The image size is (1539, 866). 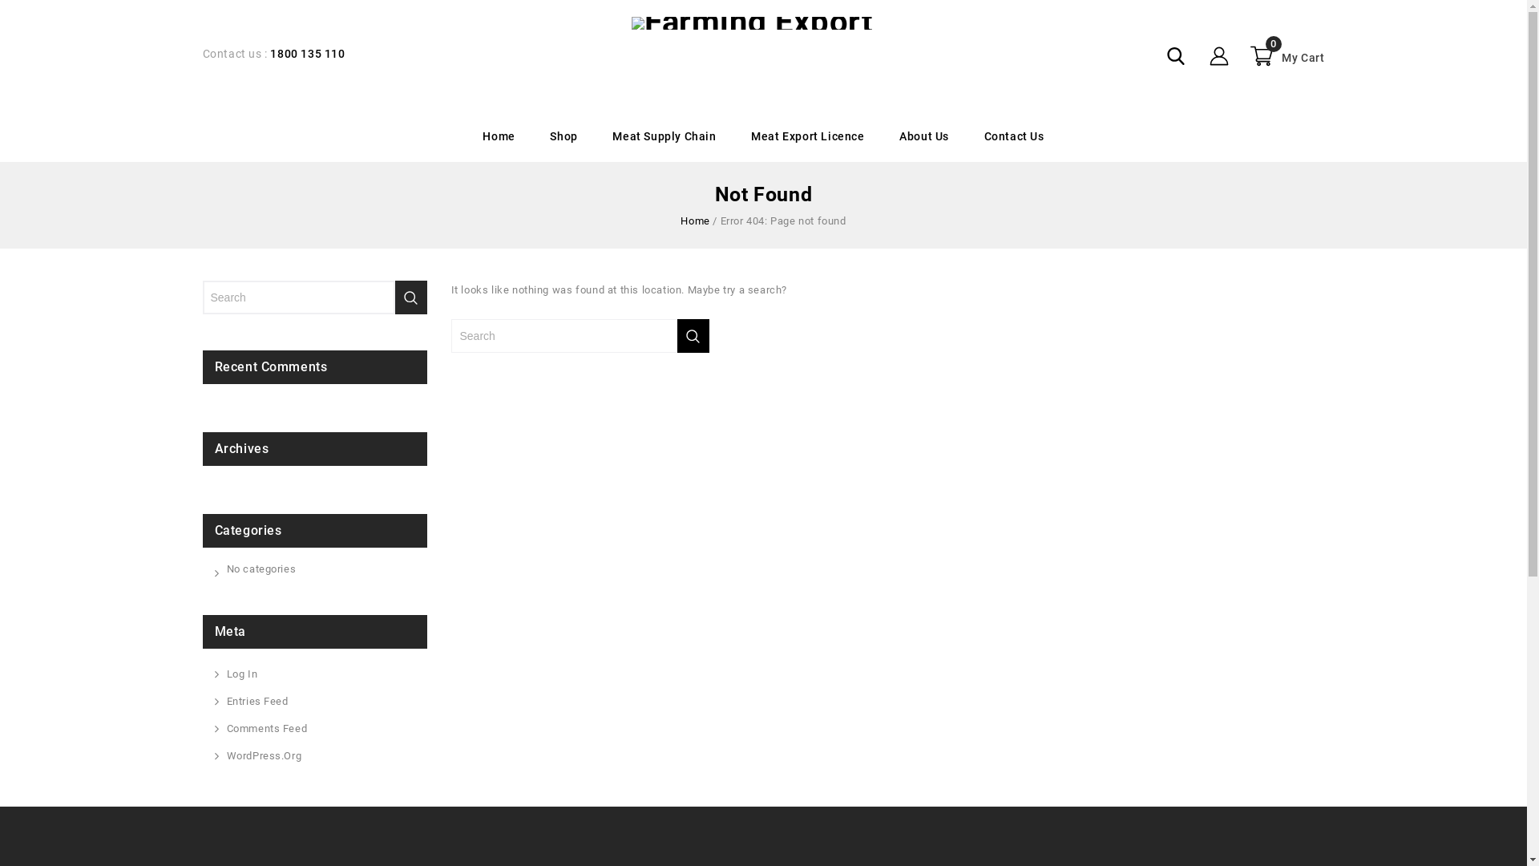 I want to click on 'Meat Export Licence', so click(x=807, y=136).